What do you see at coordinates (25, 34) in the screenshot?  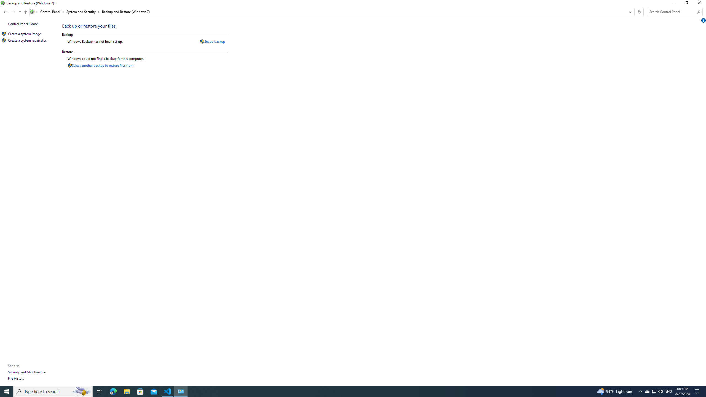 I see `'Create a system image'` at bounding box center [25, 34].